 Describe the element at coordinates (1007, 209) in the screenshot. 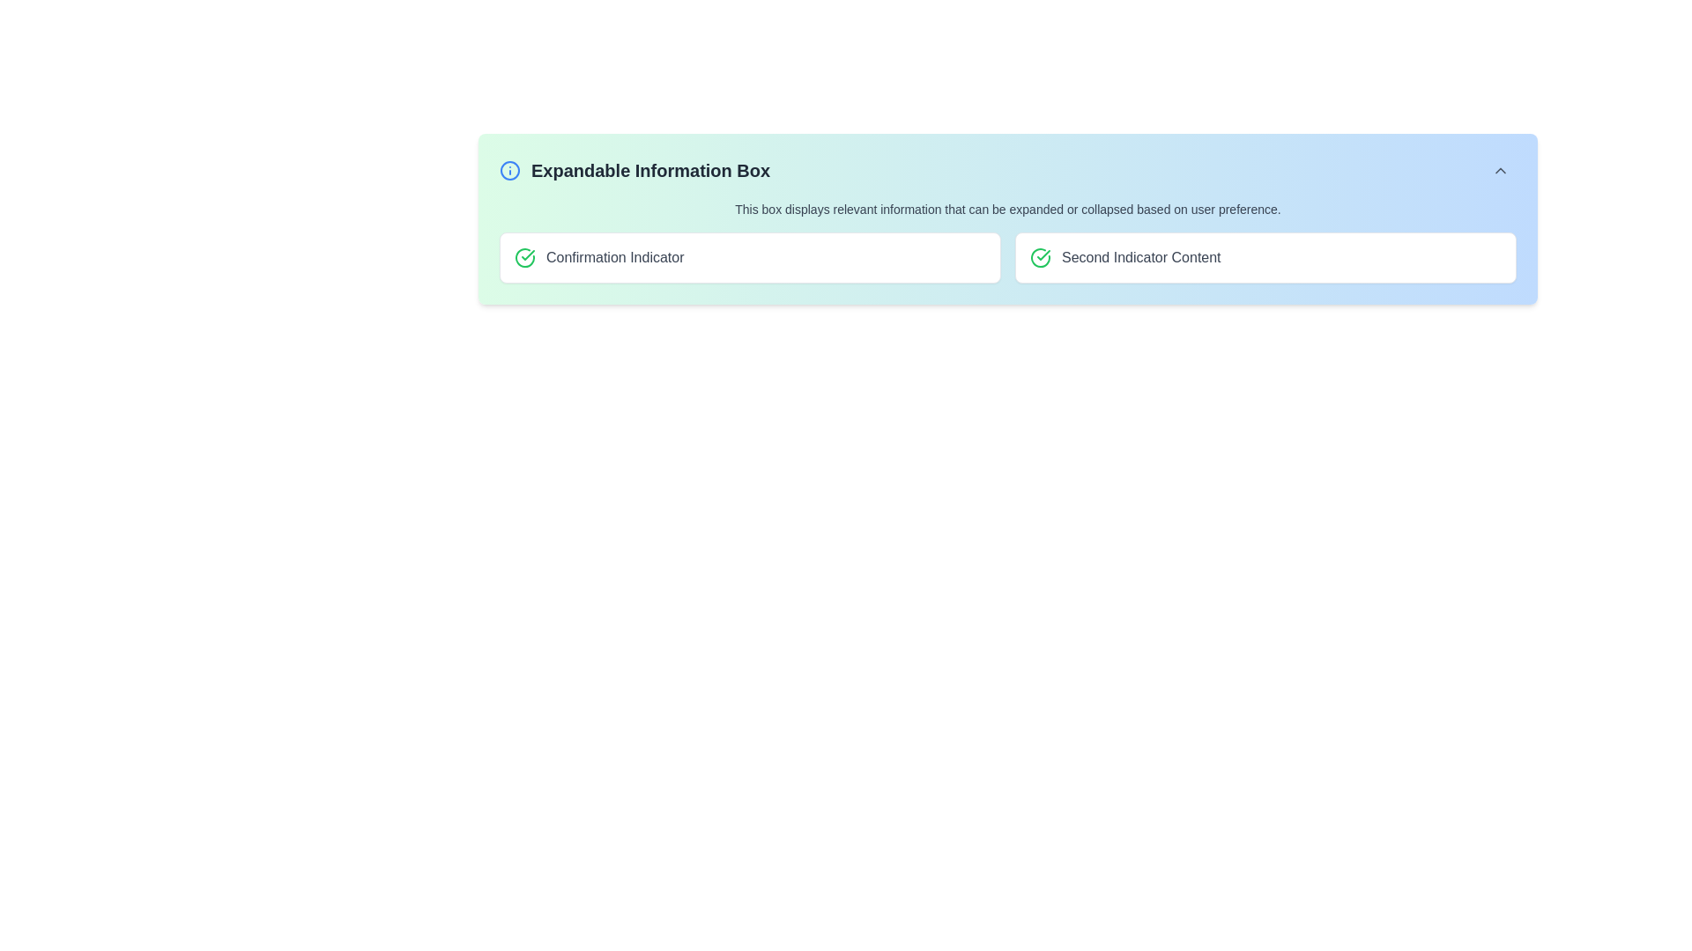

I see `explanatory static text located just below the header 'Expandable Information Box' and above the indicators row` at that location.